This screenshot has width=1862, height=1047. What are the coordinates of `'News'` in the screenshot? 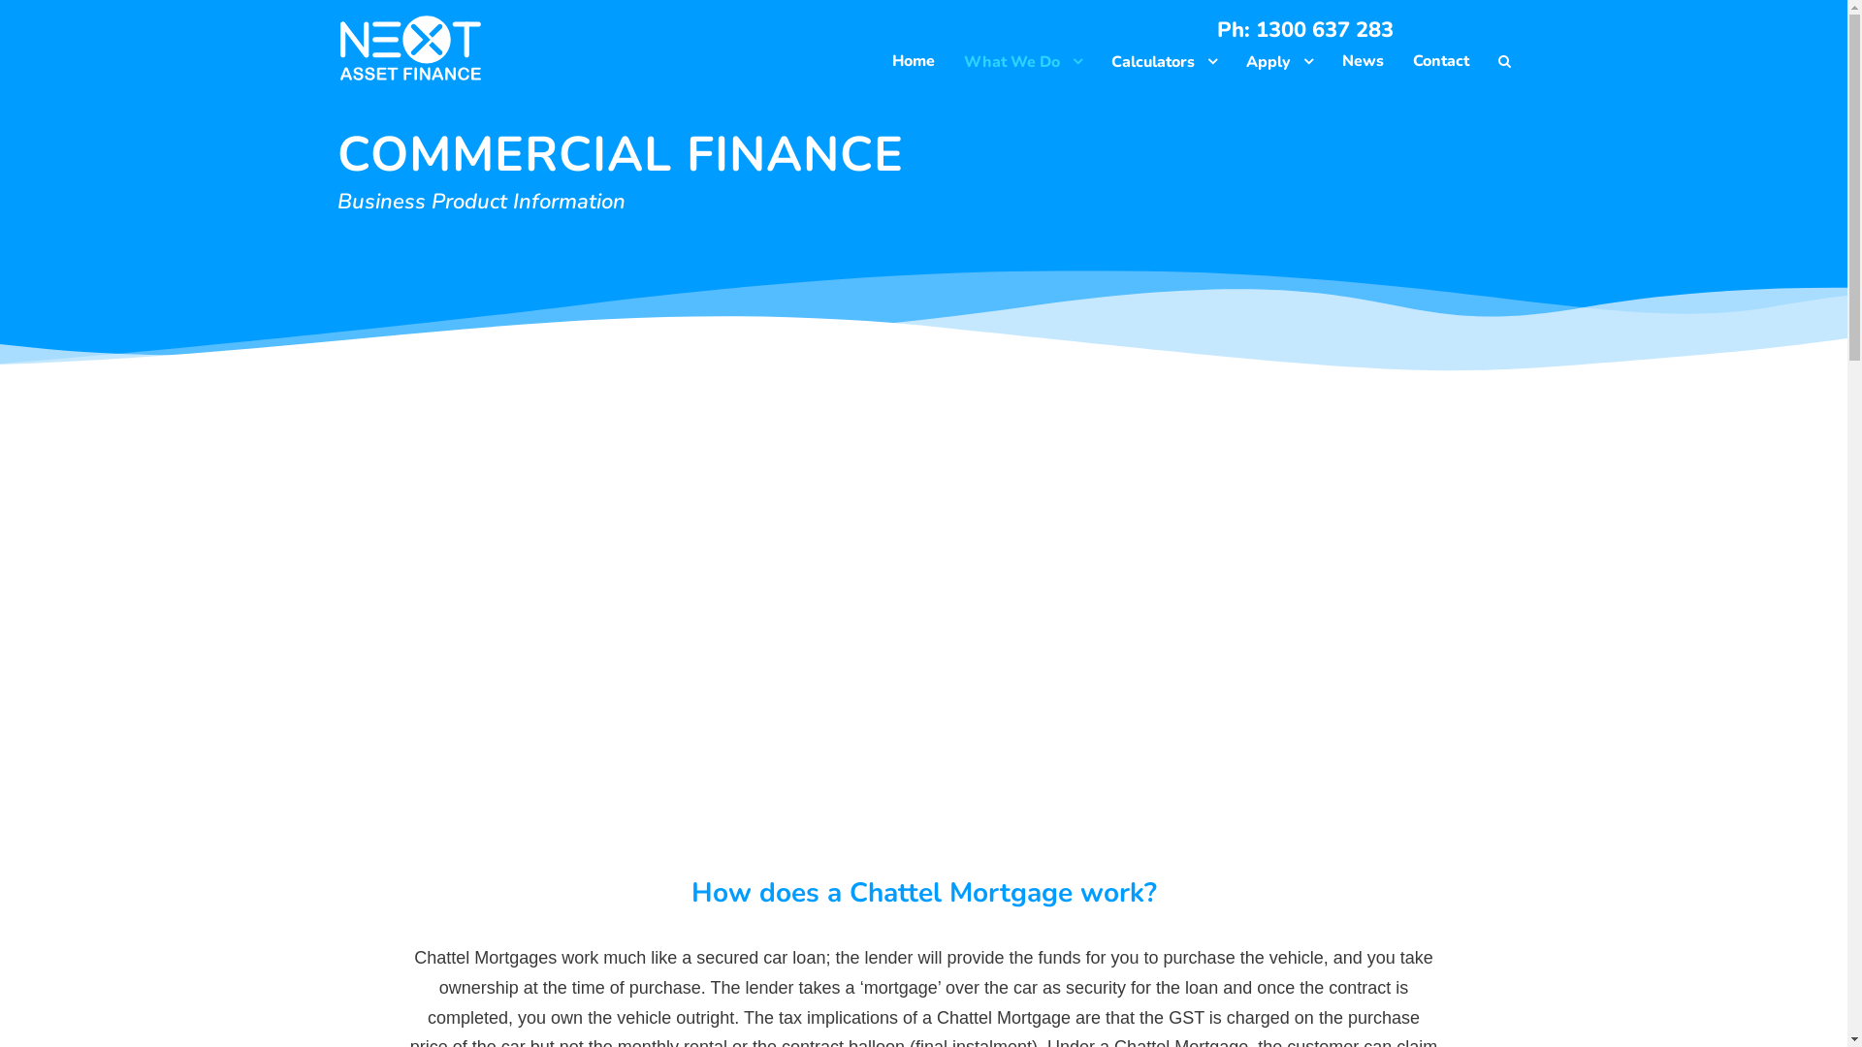 It's located at (1340, 65).